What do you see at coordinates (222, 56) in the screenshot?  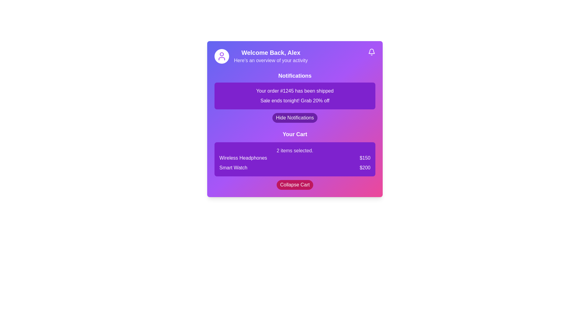 I see `the user profile icon located at the top-left corner of the card, slightly to the left of the text 'Welcome Back, Alex'` at bounding box center [222, 56].